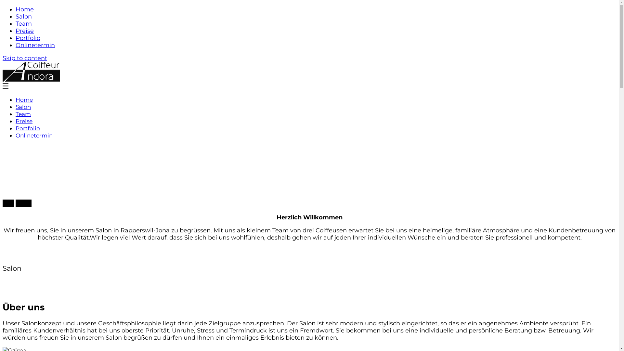 The height and width of the screenshot is (351, 624). What do you see at coordinates (28, 38) in the screenshot?
I see `'Portfolio'` at bounding box center [28, 38].